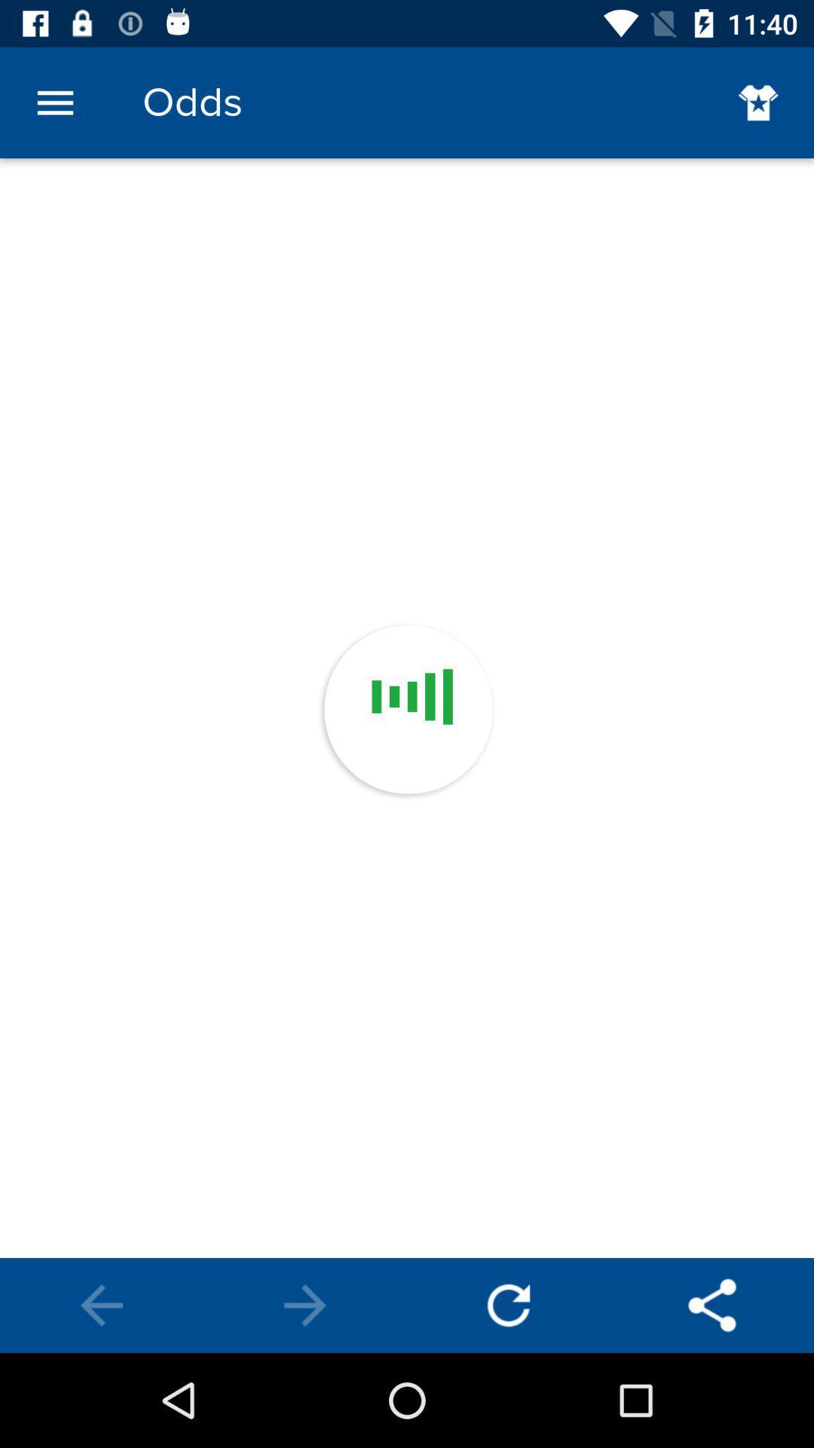  Describe the element at coordinates (712, 1305) in the screenshot. I see `share` at that location.